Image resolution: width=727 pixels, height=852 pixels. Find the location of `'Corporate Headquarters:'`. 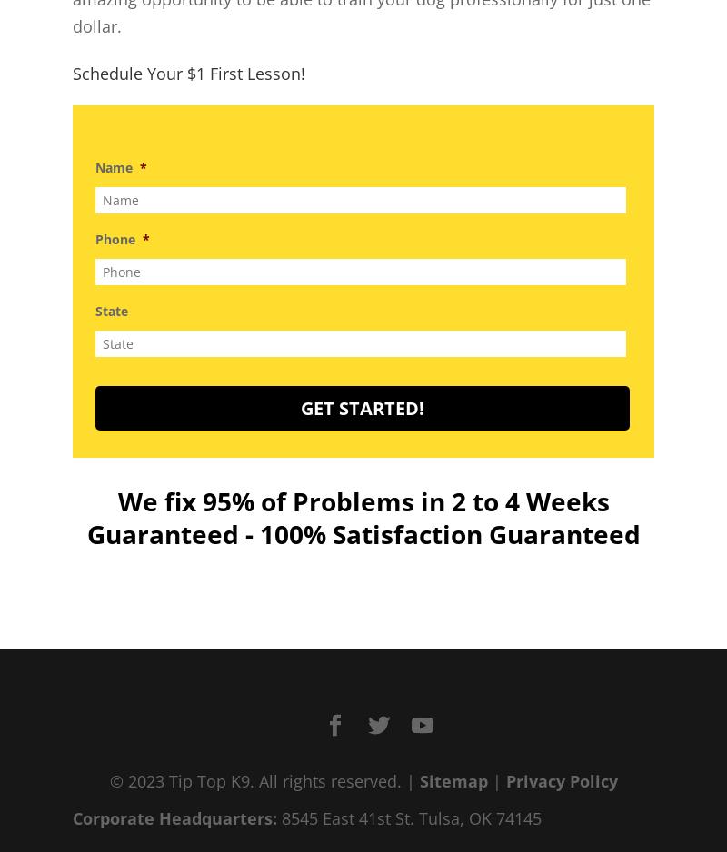

'Corporate Headquarters:' is located at coordinates (174, 818).